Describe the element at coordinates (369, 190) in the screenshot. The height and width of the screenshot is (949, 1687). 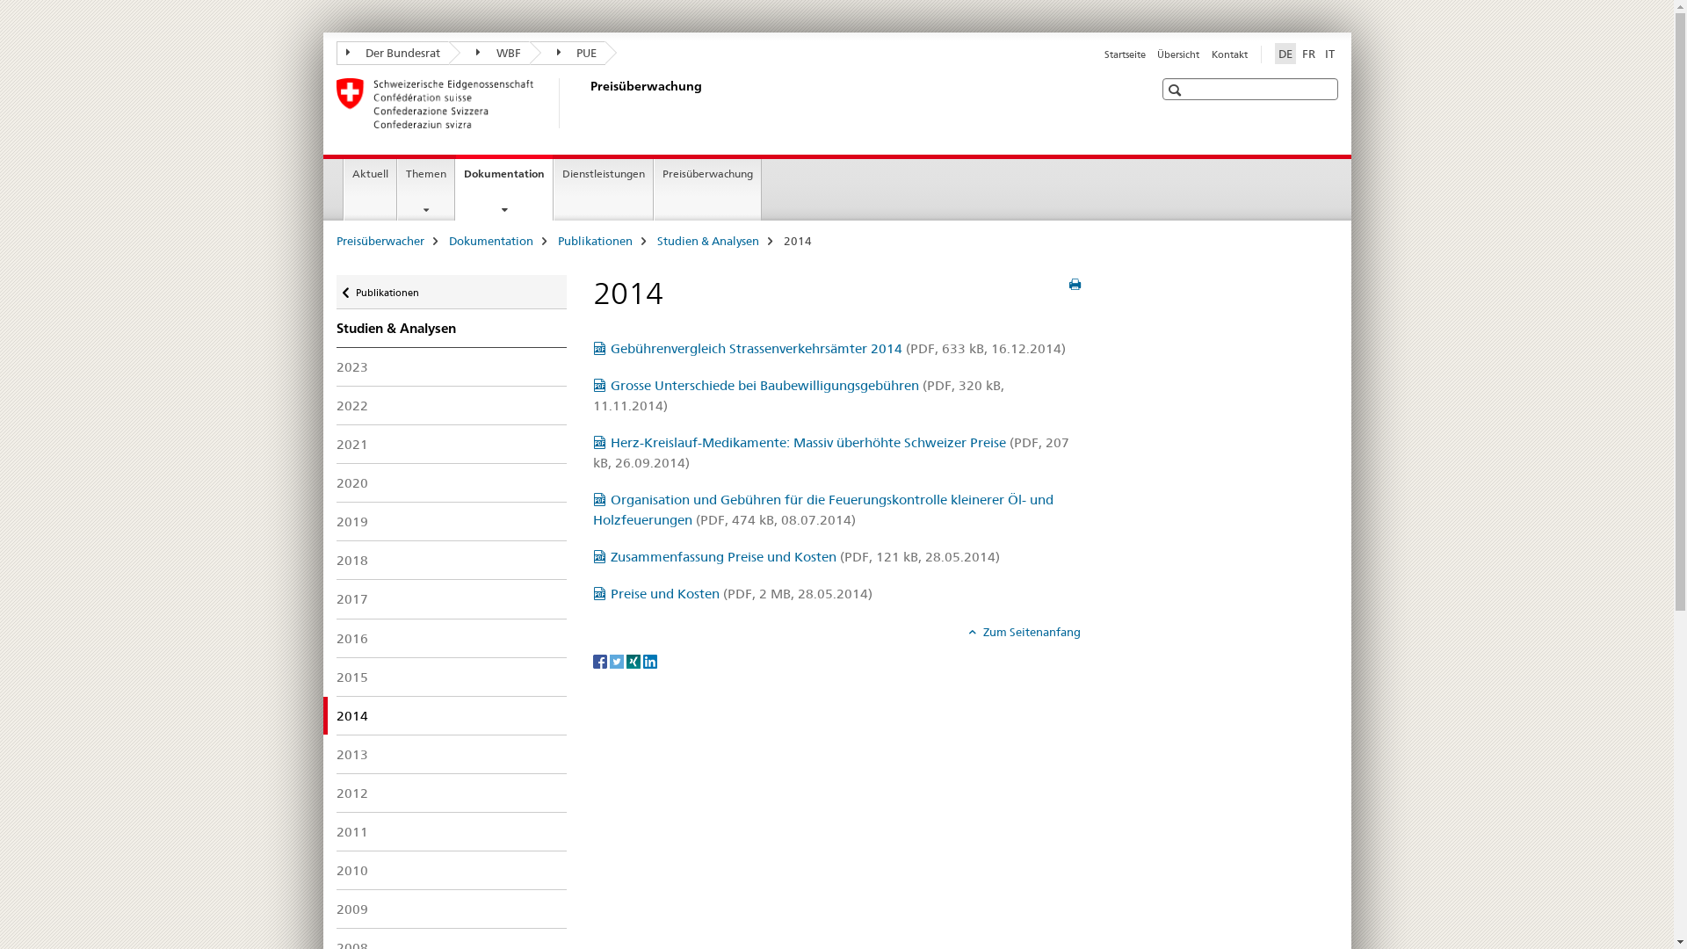
I see `'Aktuell'` at that location.